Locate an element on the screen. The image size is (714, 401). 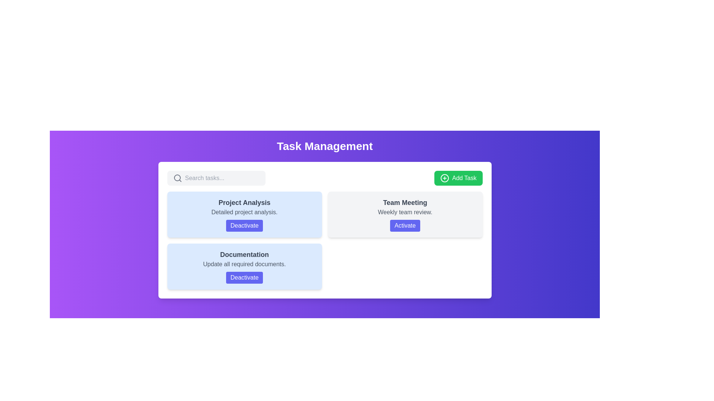
the text label element displaying 'Detailed project analysis.' which is located within the 'Project Analysis' card, positioned in the top-left area of the section below the search bar is located at coordinates (244, 212).